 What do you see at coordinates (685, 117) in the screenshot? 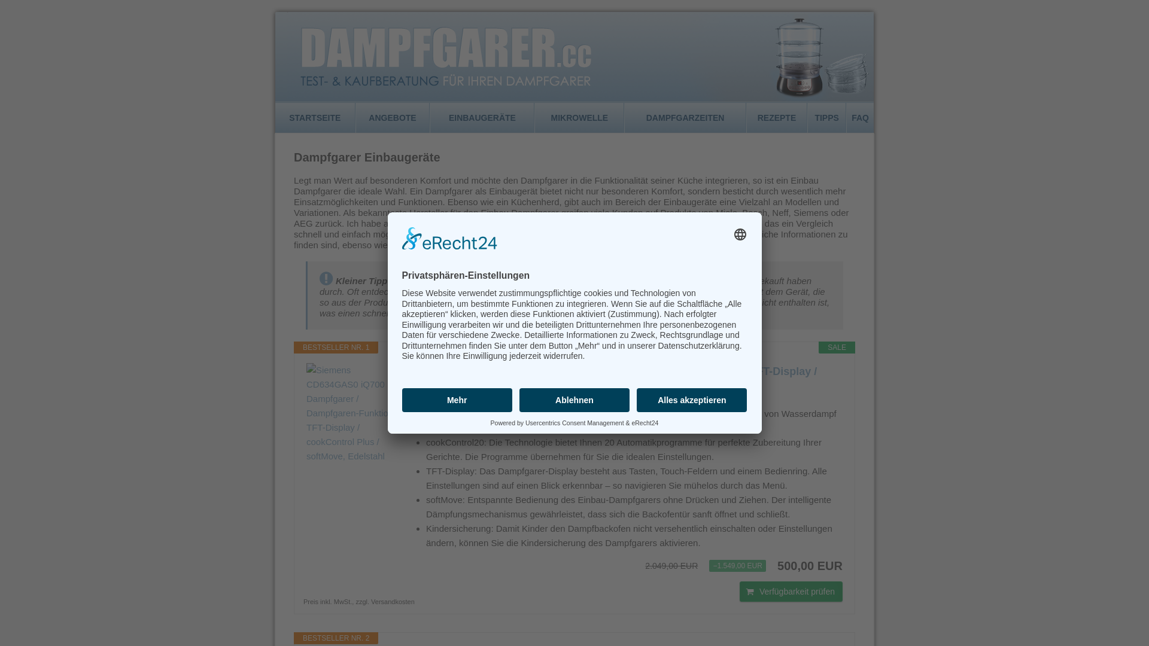
I see `'DAMPFGARZEITEN'` at bounding box center [685, 117].